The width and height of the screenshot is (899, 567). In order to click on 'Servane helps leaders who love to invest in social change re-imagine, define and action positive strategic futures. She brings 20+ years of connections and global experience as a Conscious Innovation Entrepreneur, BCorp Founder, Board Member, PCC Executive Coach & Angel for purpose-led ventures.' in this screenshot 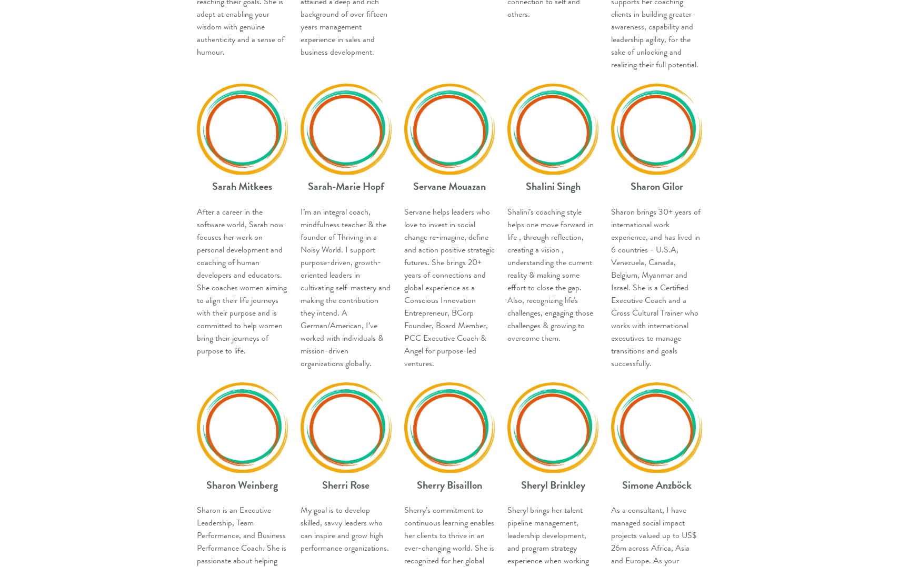, I will do `click(404, 287)`.